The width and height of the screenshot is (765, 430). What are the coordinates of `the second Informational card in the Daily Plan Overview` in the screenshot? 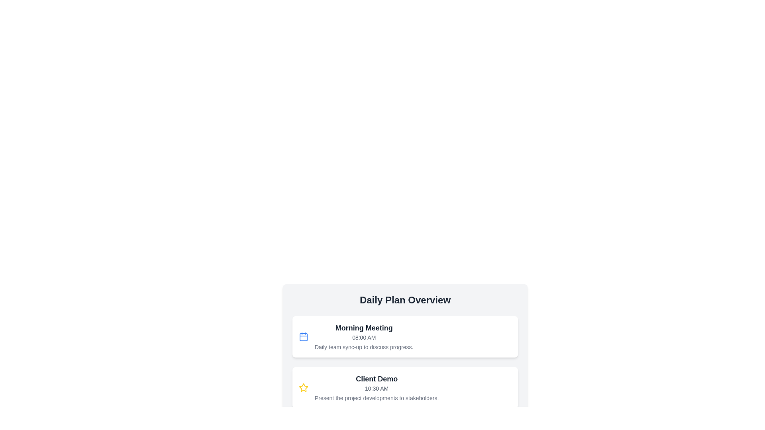 It's located at (405, 387).